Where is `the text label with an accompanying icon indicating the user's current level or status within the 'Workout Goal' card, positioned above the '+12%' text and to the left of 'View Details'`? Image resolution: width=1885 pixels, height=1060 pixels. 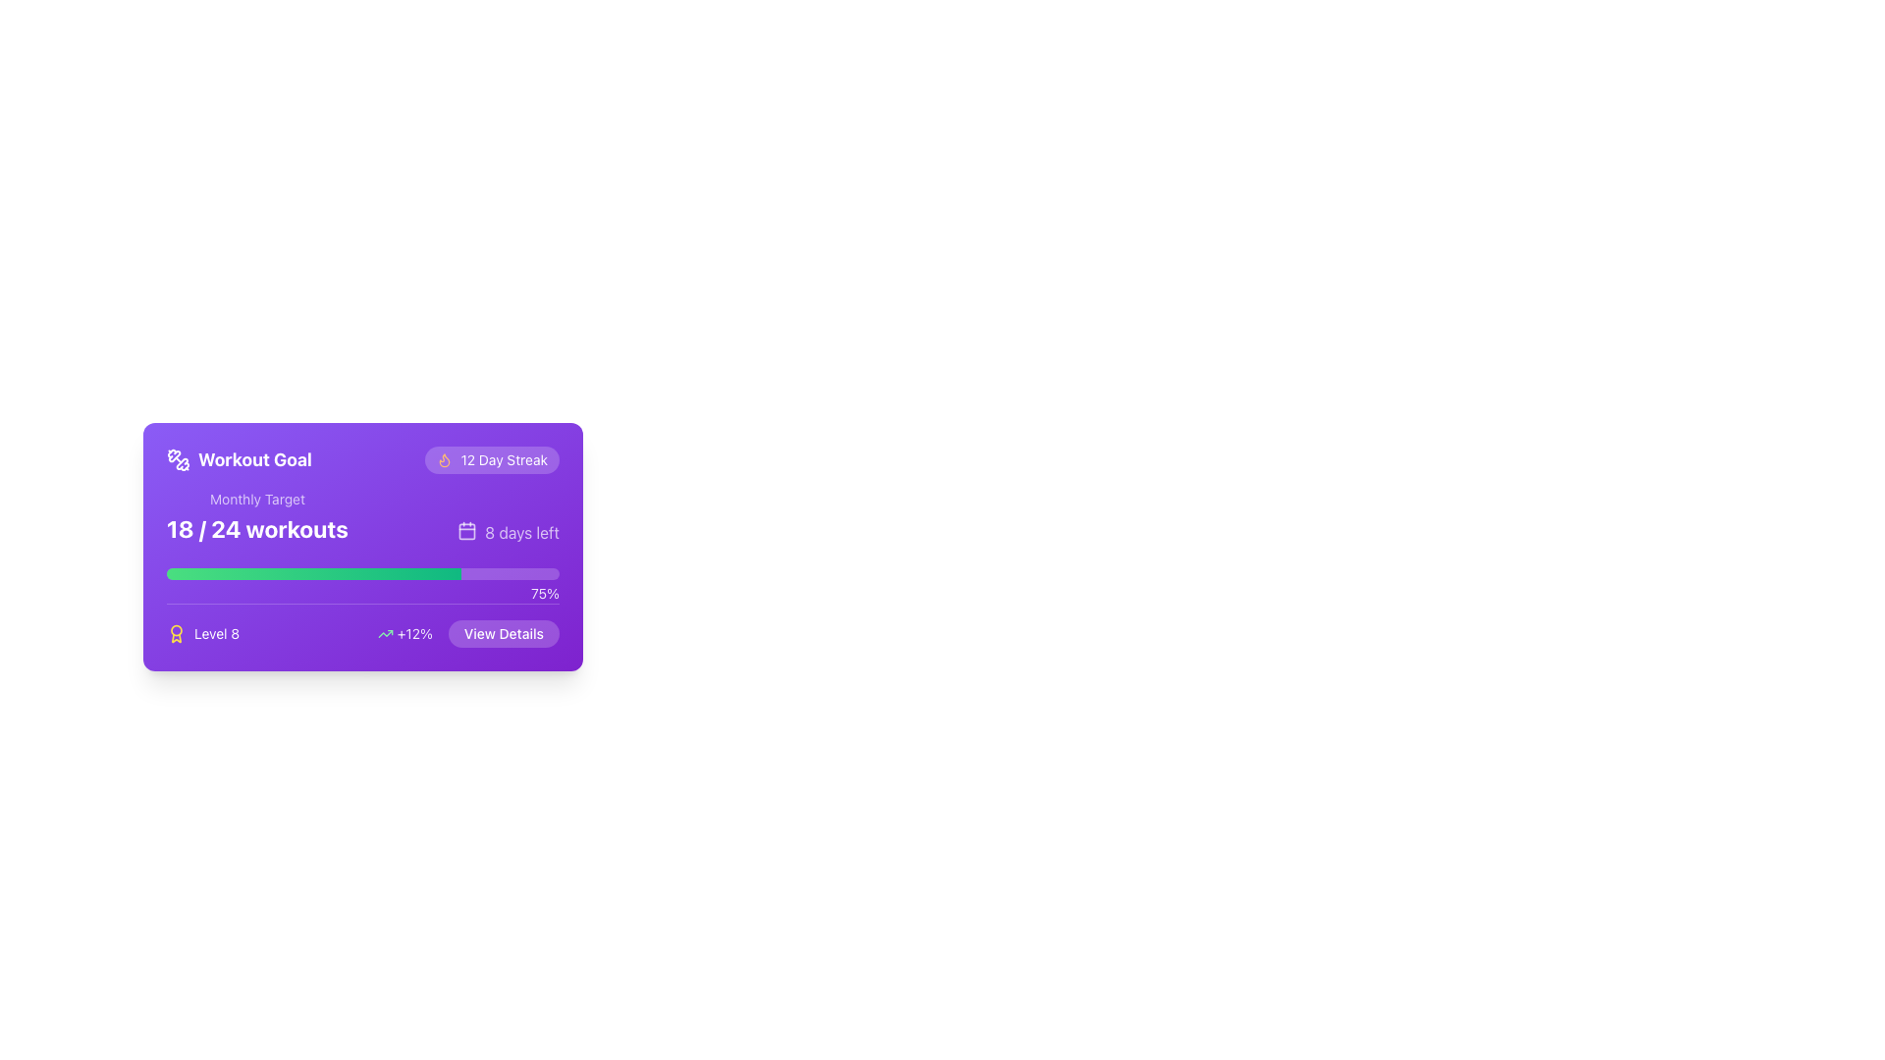 the text label with an accompanying icon indicating the user's current level or status within the 'Workout Goal' card, positioned above the '+12%' text and to the left of 'View Details' is located at coordinates (203, 633).